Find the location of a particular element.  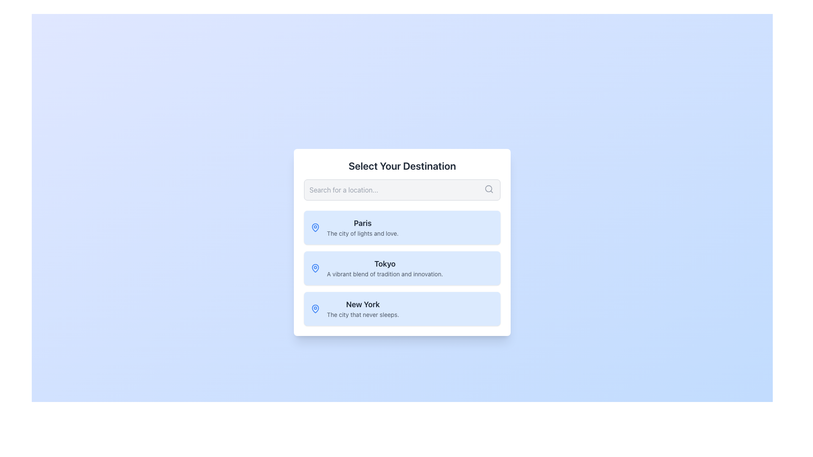

the text element 'Tokyo' which is styled in bold and dark gray, positioned above the descriptive text in a card-like interface is located at coordinates (384, 264).